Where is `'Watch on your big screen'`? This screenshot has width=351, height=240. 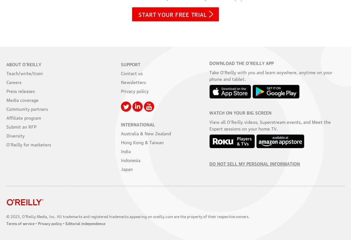 'Watch on your big screen' is located at coordinates (209, 111).